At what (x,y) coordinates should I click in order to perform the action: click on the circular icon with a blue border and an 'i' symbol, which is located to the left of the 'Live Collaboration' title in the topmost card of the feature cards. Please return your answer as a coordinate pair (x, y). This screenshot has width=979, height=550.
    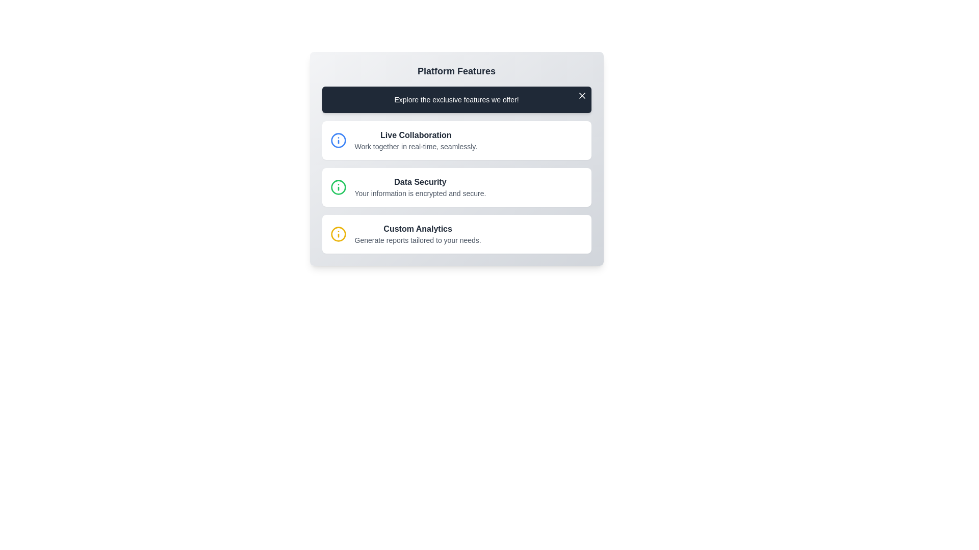
    Looking at the image, I should click on (338, 141).